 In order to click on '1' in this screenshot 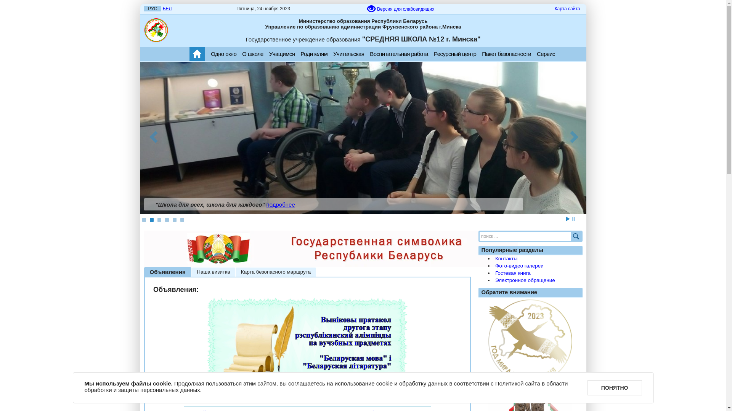, I will do `click(144, 220)`.